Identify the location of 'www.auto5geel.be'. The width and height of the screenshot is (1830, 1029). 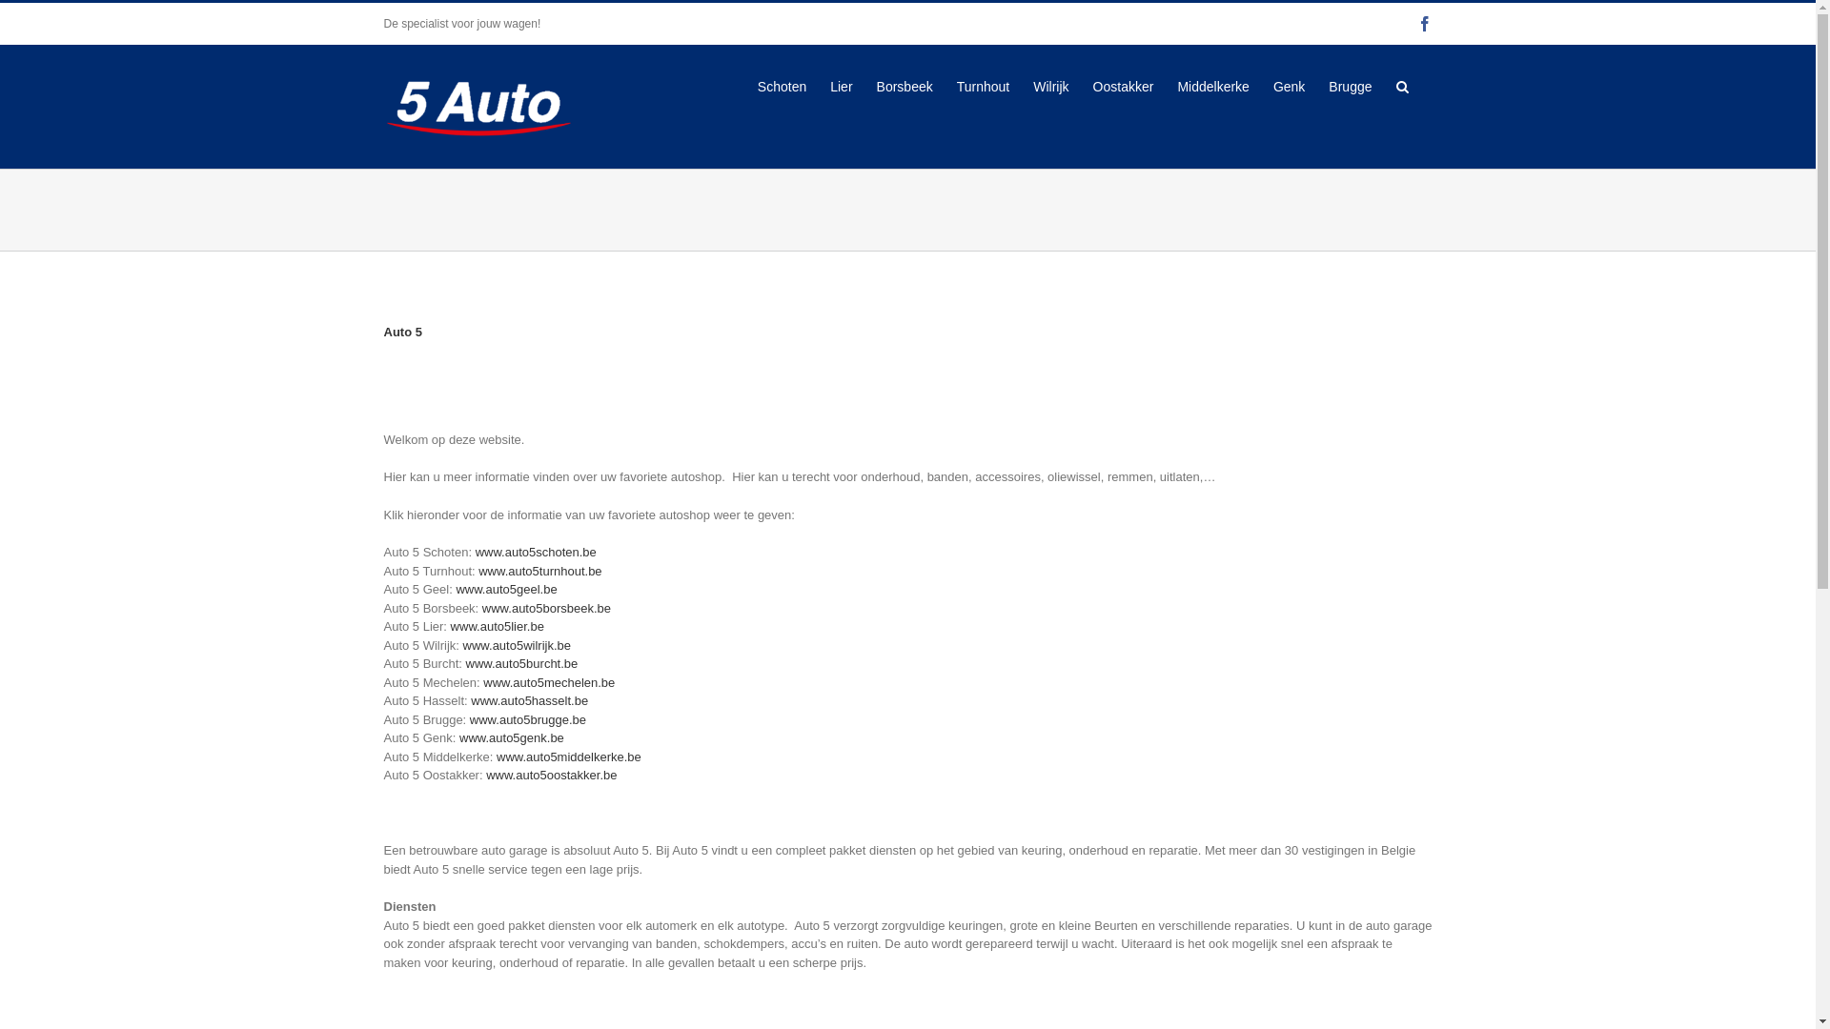
(455, 588).